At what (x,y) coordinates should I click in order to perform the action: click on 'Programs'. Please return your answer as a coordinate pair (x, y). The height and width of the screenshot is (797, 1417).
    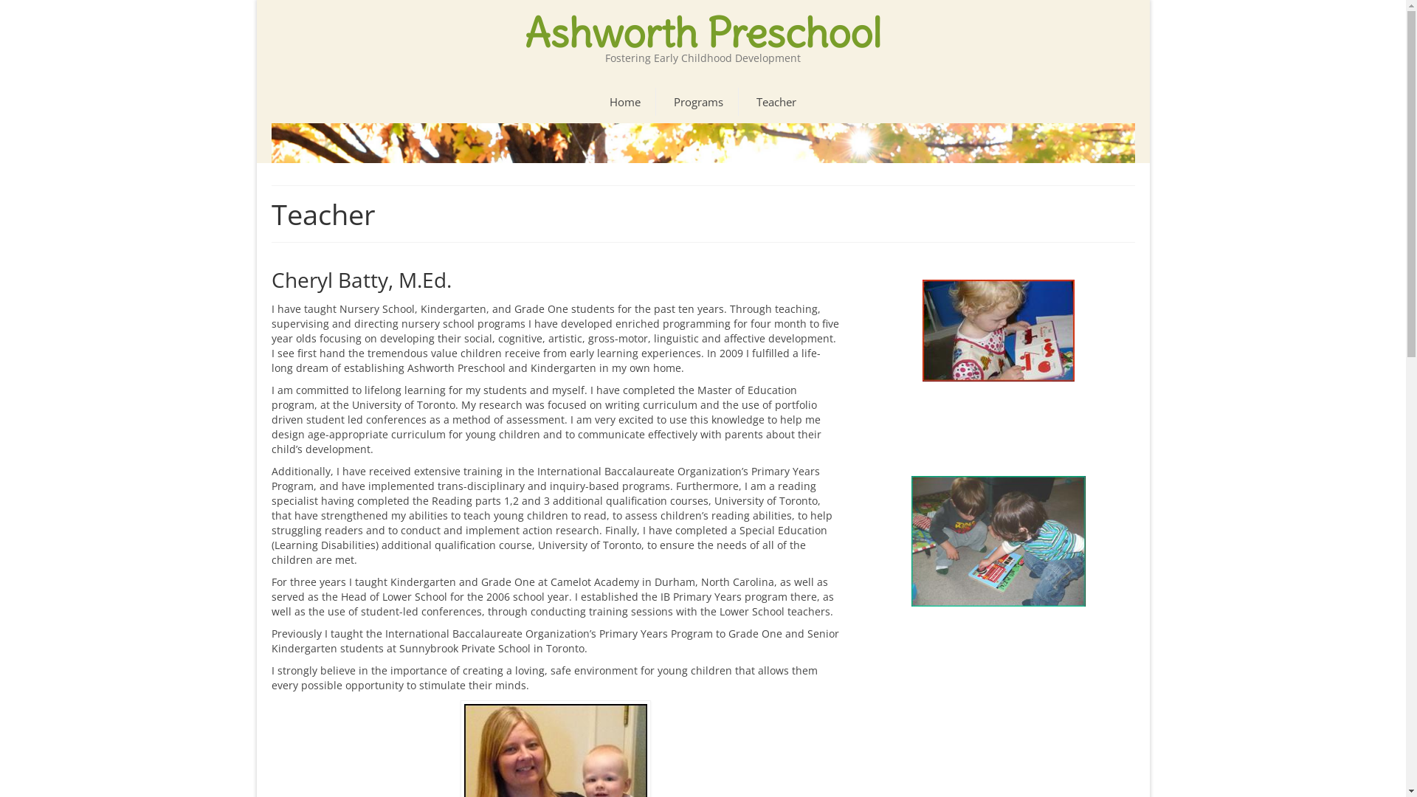
    Looking at the image, I should click on (697, 101).